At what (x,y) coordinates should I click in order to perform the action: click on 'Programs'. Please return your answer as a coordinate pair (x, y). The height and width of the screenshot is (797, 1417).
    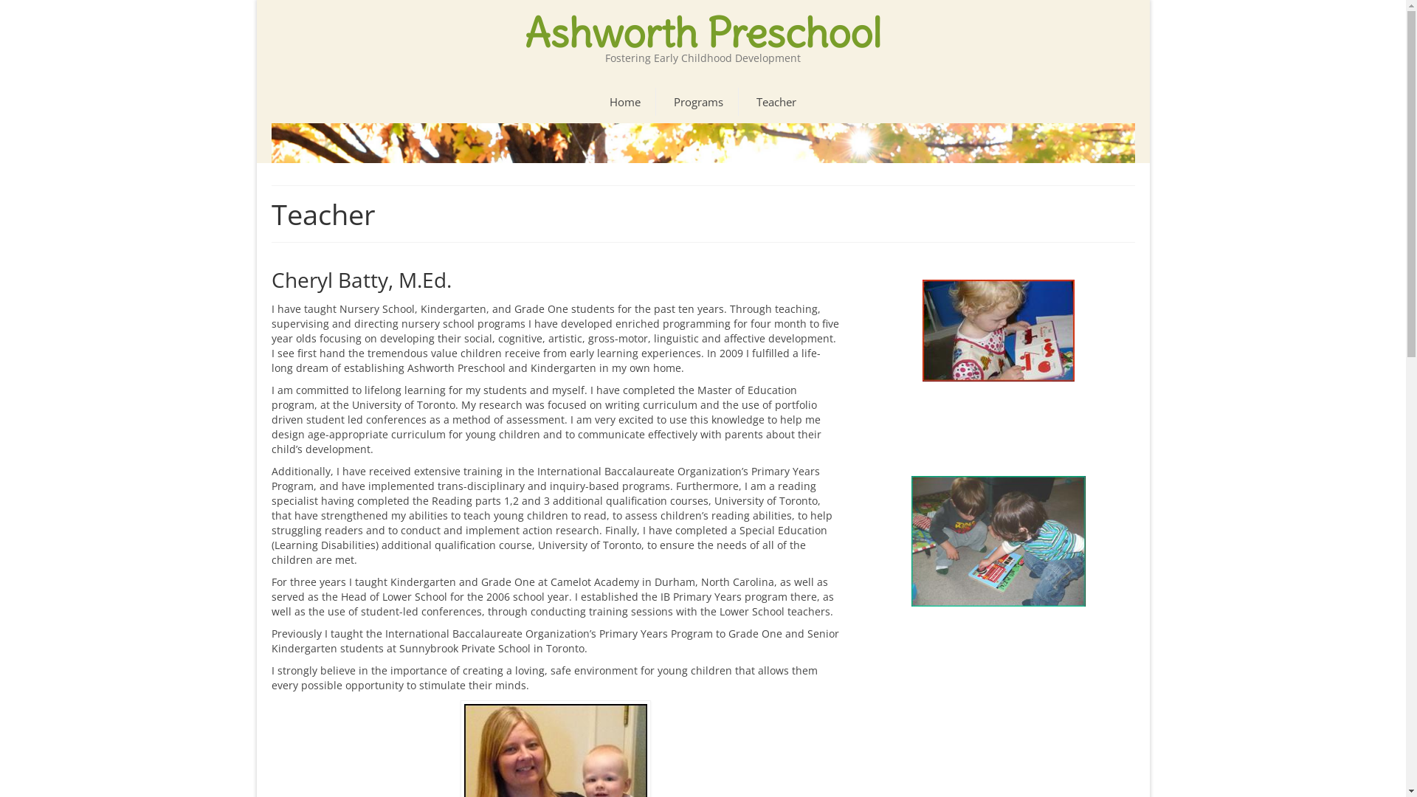
    Looking at the image, I should click on (697, 101).